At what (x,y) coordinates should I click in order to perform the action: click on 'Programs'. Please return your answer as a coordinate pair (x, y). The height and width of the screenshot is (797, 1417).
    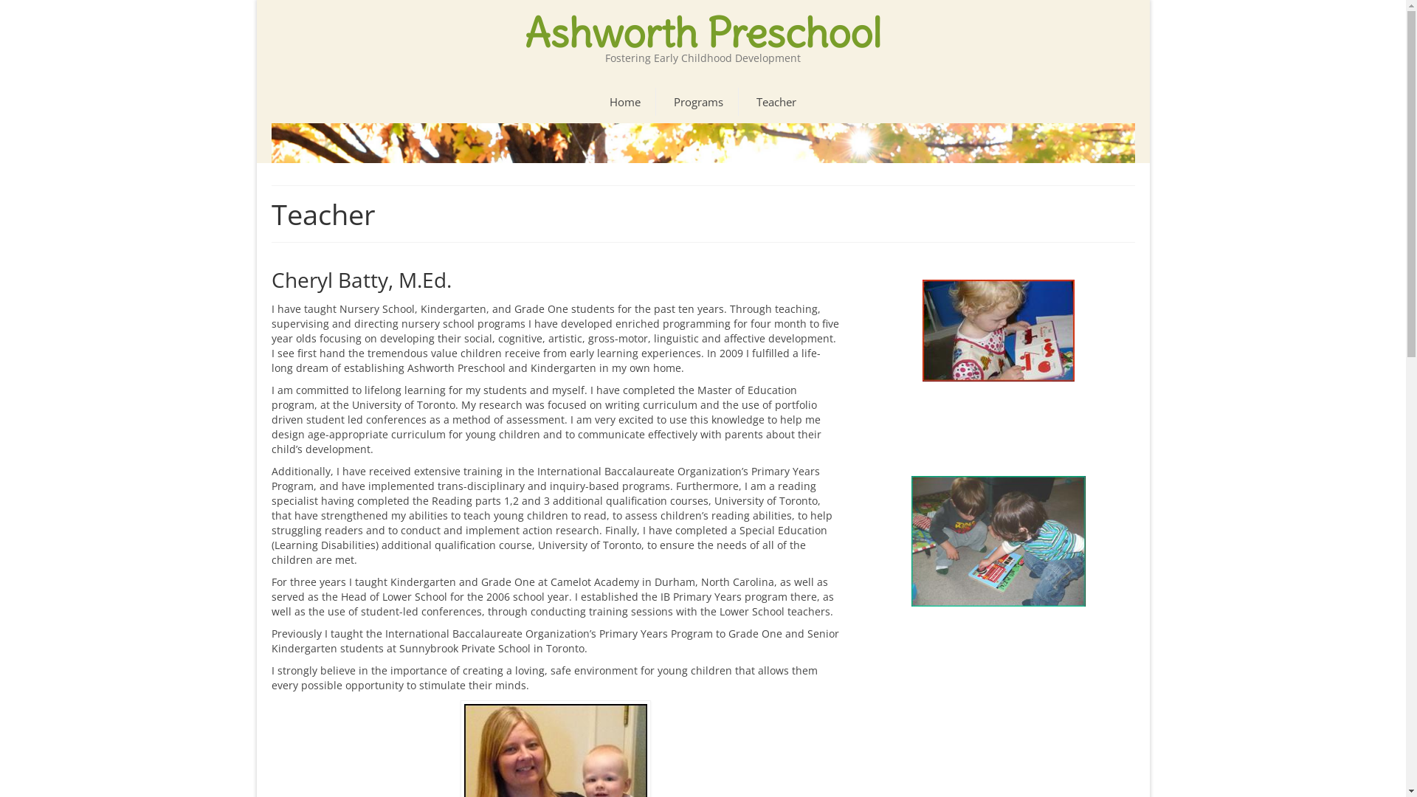
    Looking at the image, I should click on (697, 101).